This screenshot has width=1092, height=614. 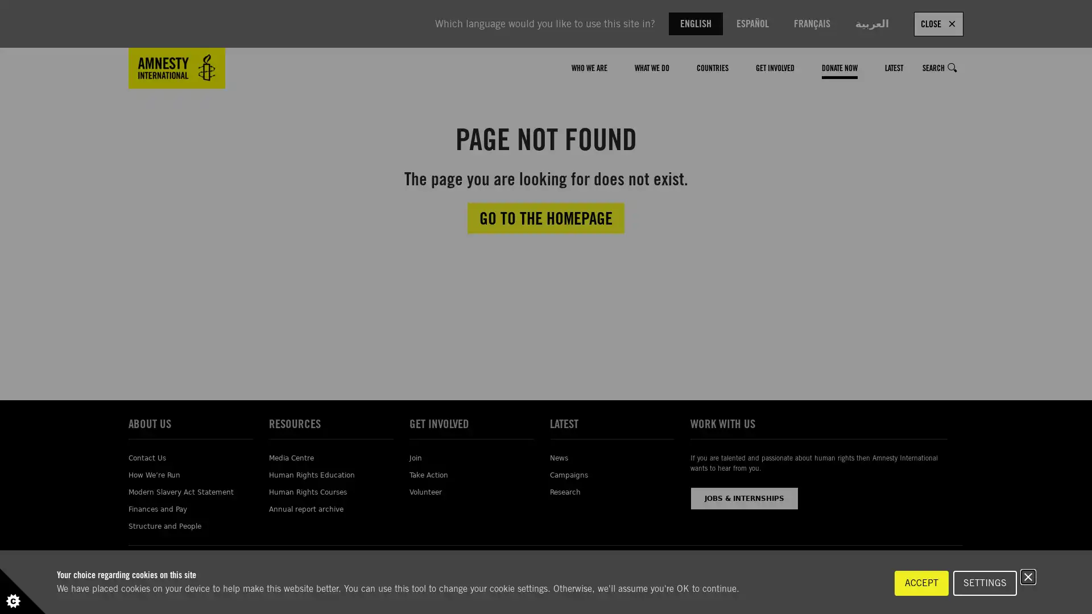 I want to click on ACCEPT, so click(x=921, y=583).